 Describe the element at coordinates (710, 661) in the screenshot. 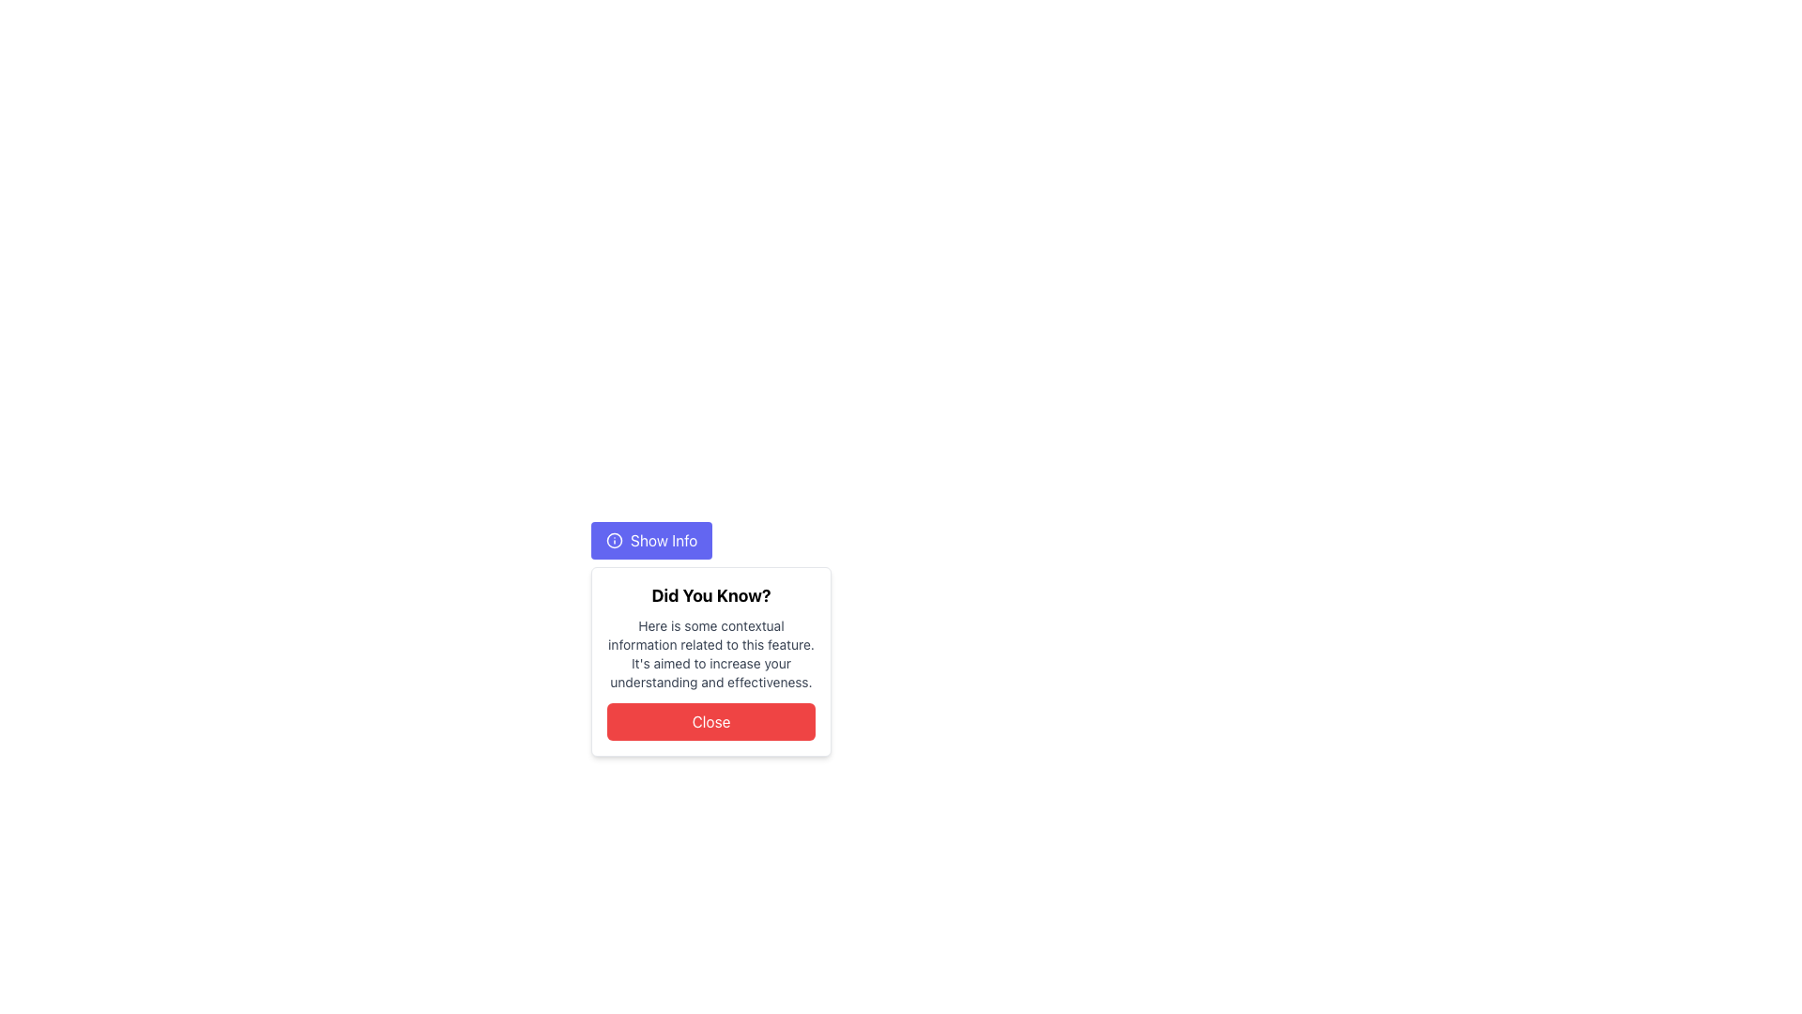

I see `the modal dialog containing contextual information by reading the text displayed within it` at that location.